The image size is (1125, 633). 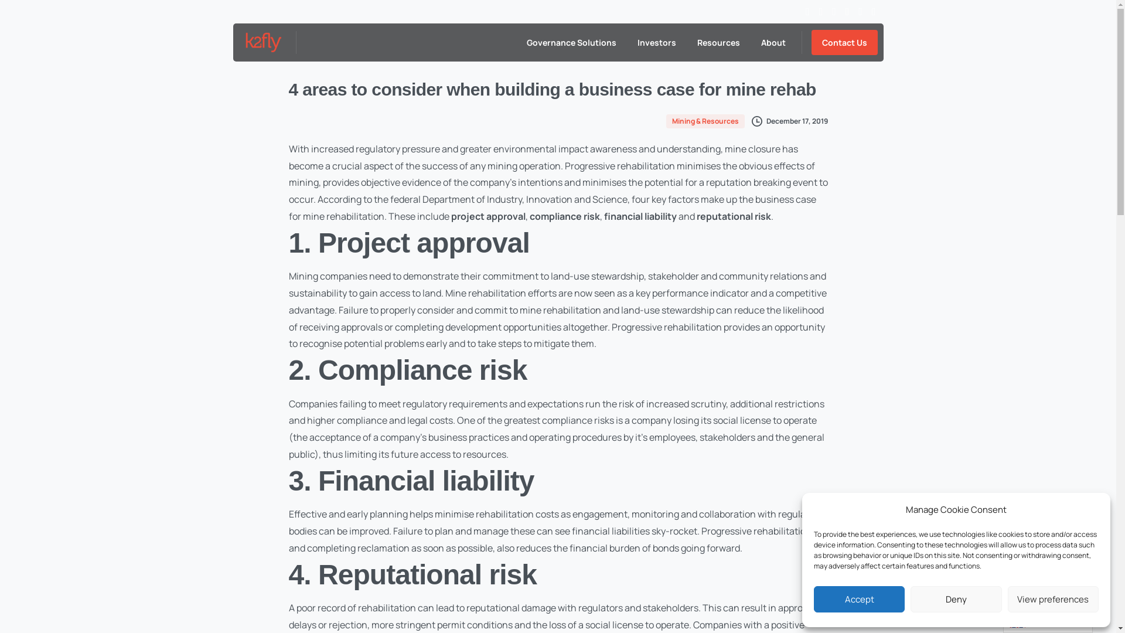 What do you see at coordinates (1053, 599) in the screenshot?
I see `'View preferences'` at bounding box center [1053, 599].